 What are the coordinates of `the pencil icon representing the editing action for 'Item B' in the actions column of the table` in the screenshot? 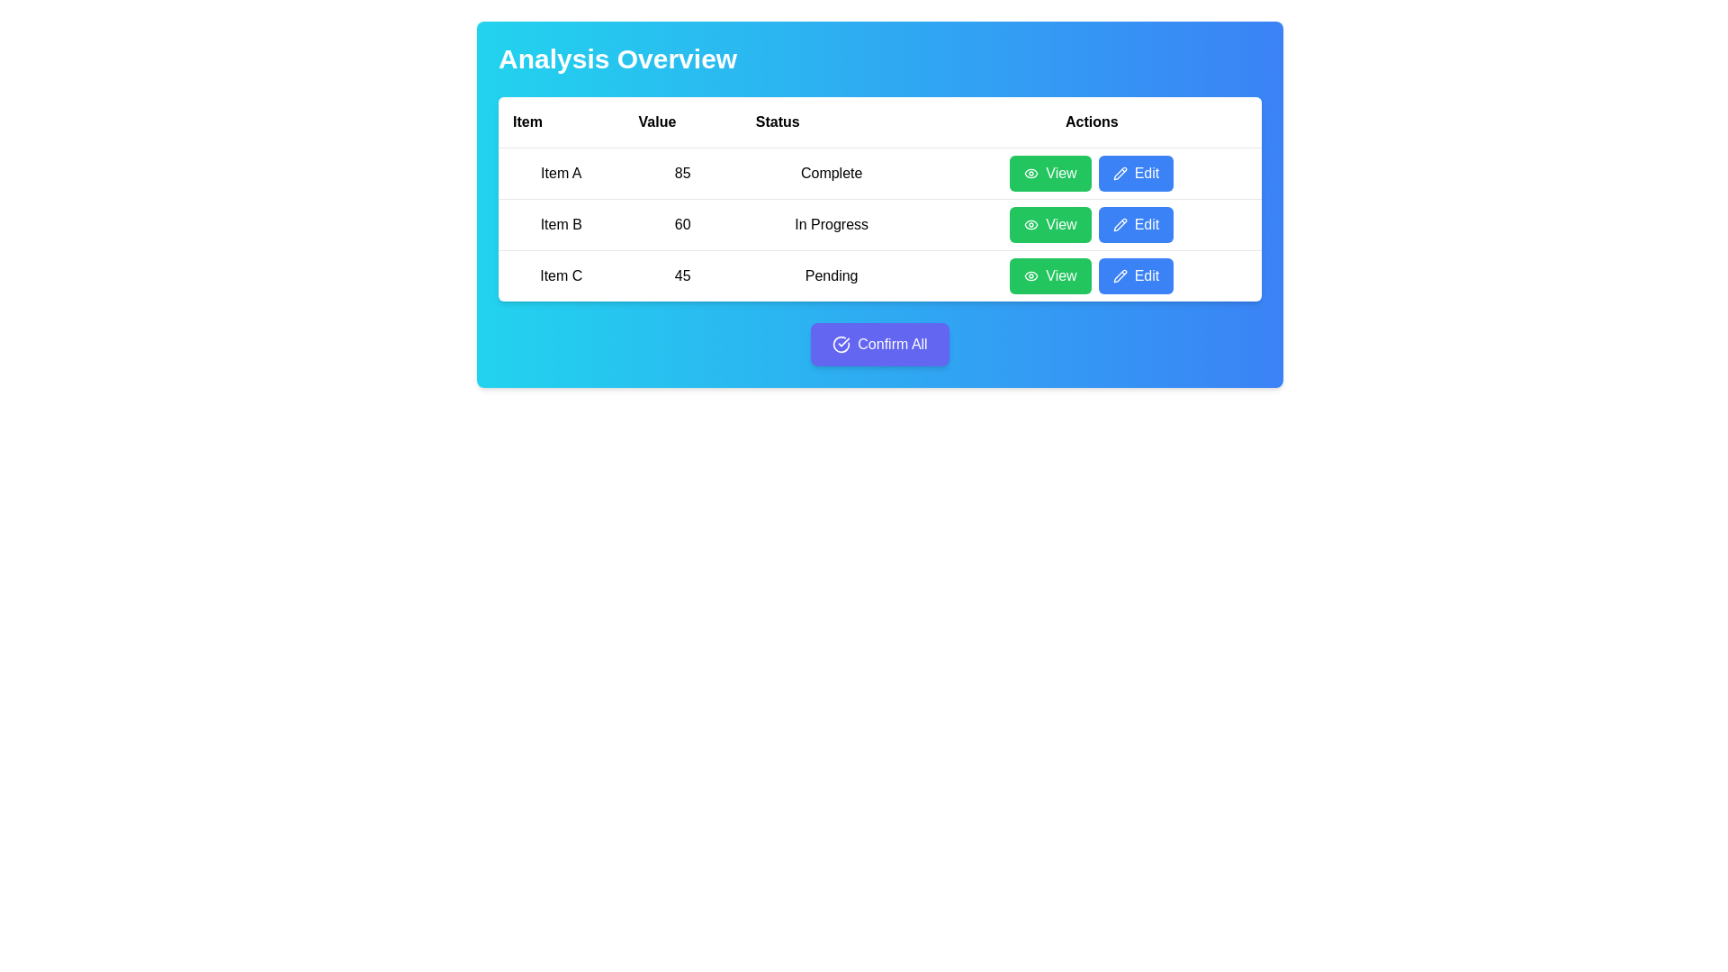 It's located at (1119, 224).